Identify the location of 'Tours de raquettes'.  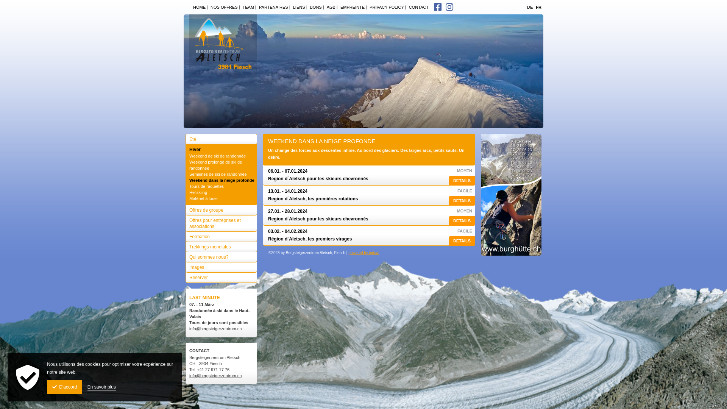
(222, 186).